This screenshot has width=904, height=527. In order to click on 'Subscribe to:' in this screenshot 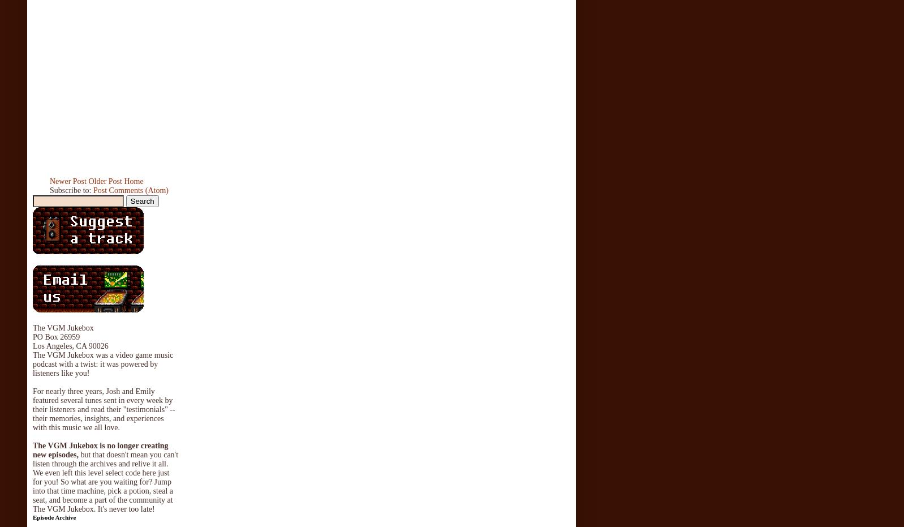, I will do `click(49, 190)`.